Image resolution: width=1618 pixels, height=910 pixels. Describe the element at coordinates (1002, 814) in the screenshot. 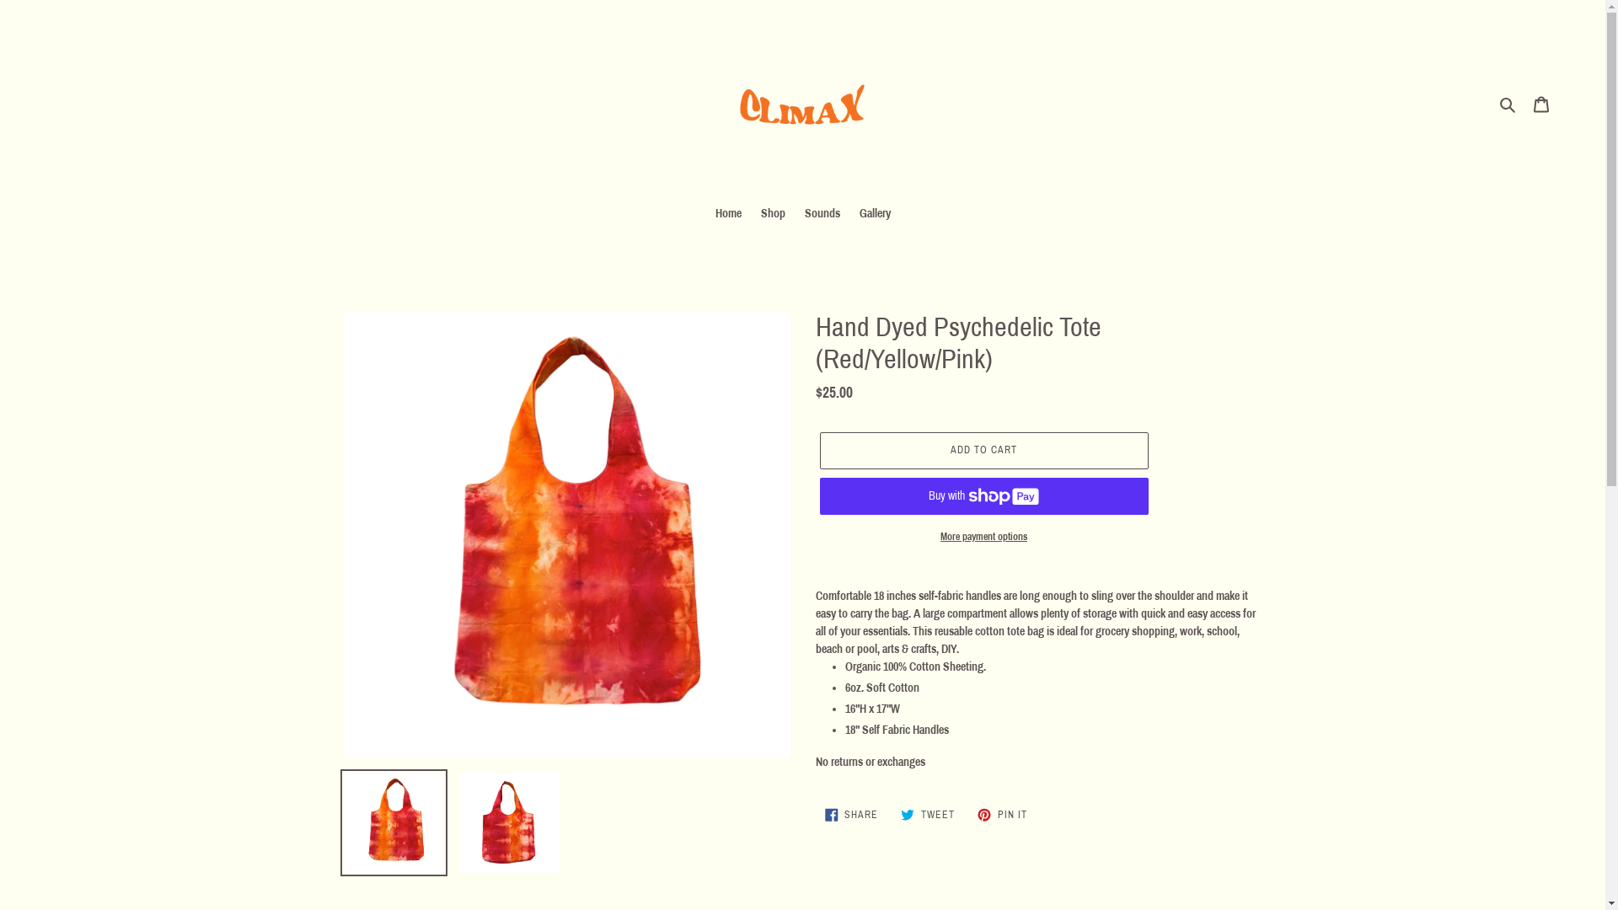

I see `'PIN IT` at that location.